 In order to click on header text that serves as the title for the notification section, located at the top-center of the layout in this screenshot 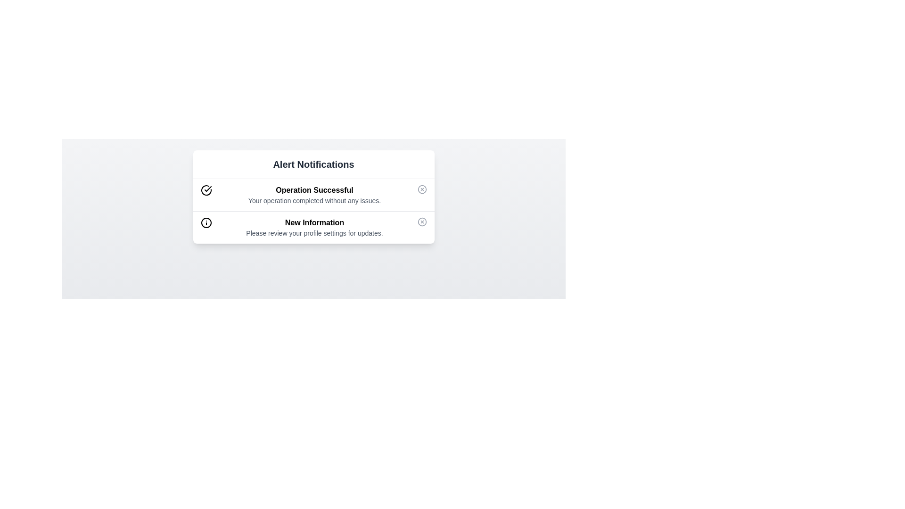, I will do `click(313, 164)`.